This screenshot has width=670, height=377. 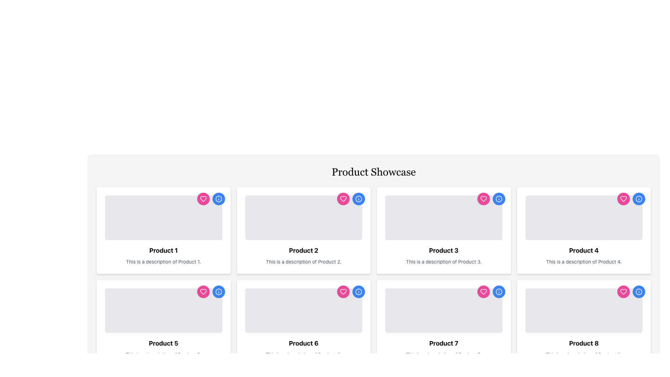 What do you see at coordinates (218, 199) in the screenshot?
I see `the circular blue button with an 'i' icon located in the top-right corner of the 'Product 1' card` at bounding box center [218, 199].